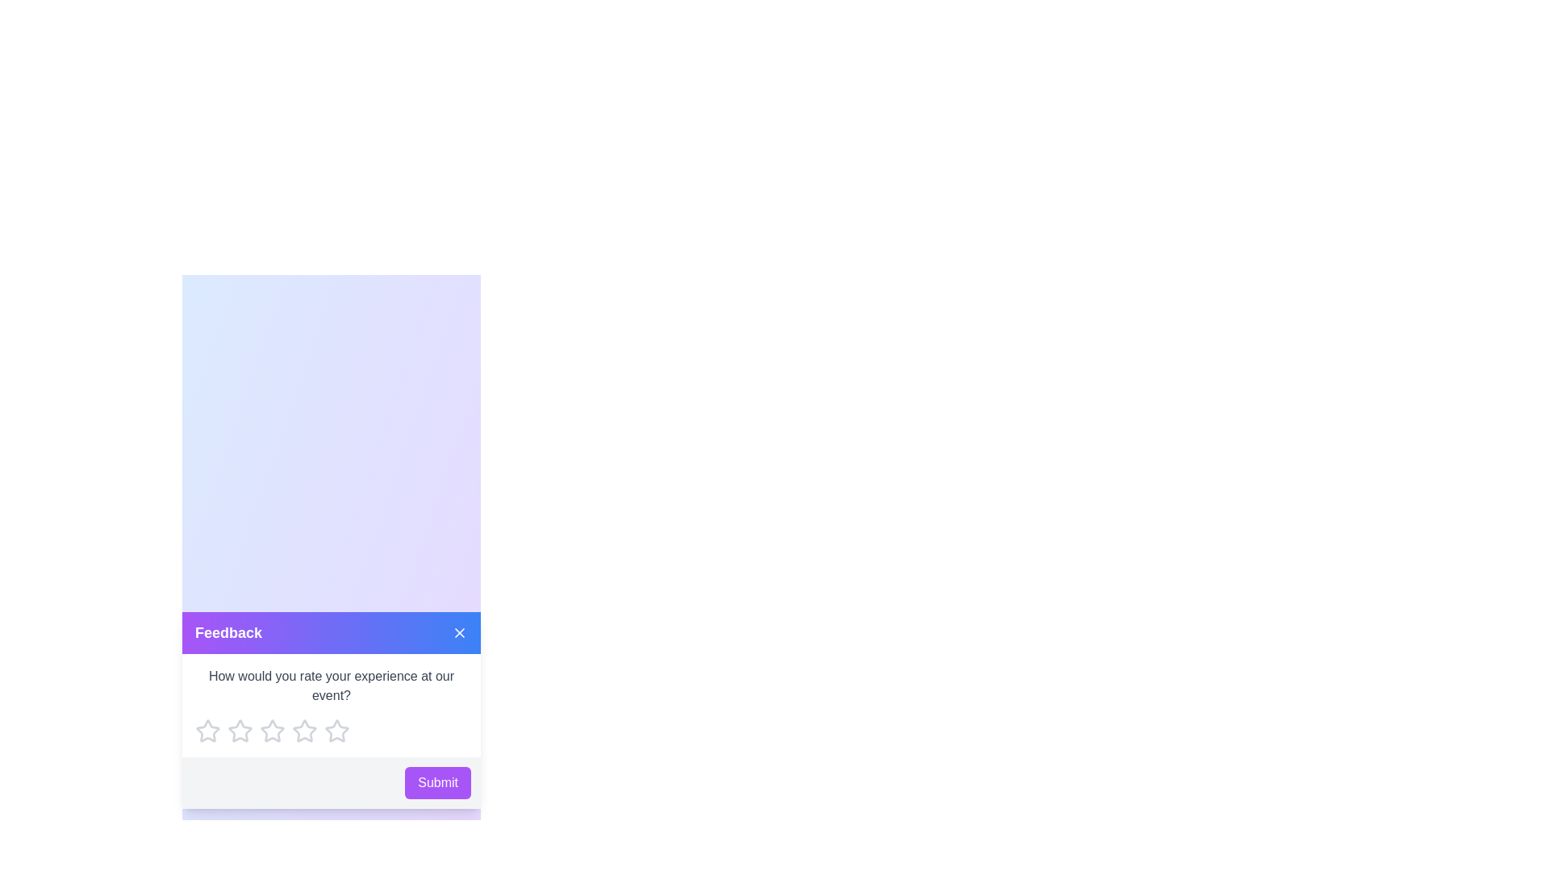 Image resolution: width=1549 pixels, height=871 pixels. I want to click on the submit button located at the far-right of the bottom row of the dialog box's footer, so click(331, 782).